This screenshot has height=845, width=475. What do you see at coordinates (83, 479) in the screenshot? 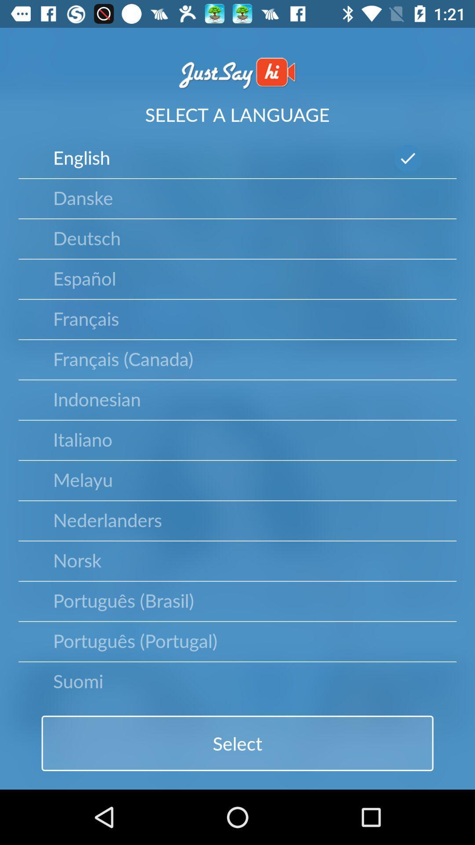
I see `the melayu item` at bounding box center [83, 479].